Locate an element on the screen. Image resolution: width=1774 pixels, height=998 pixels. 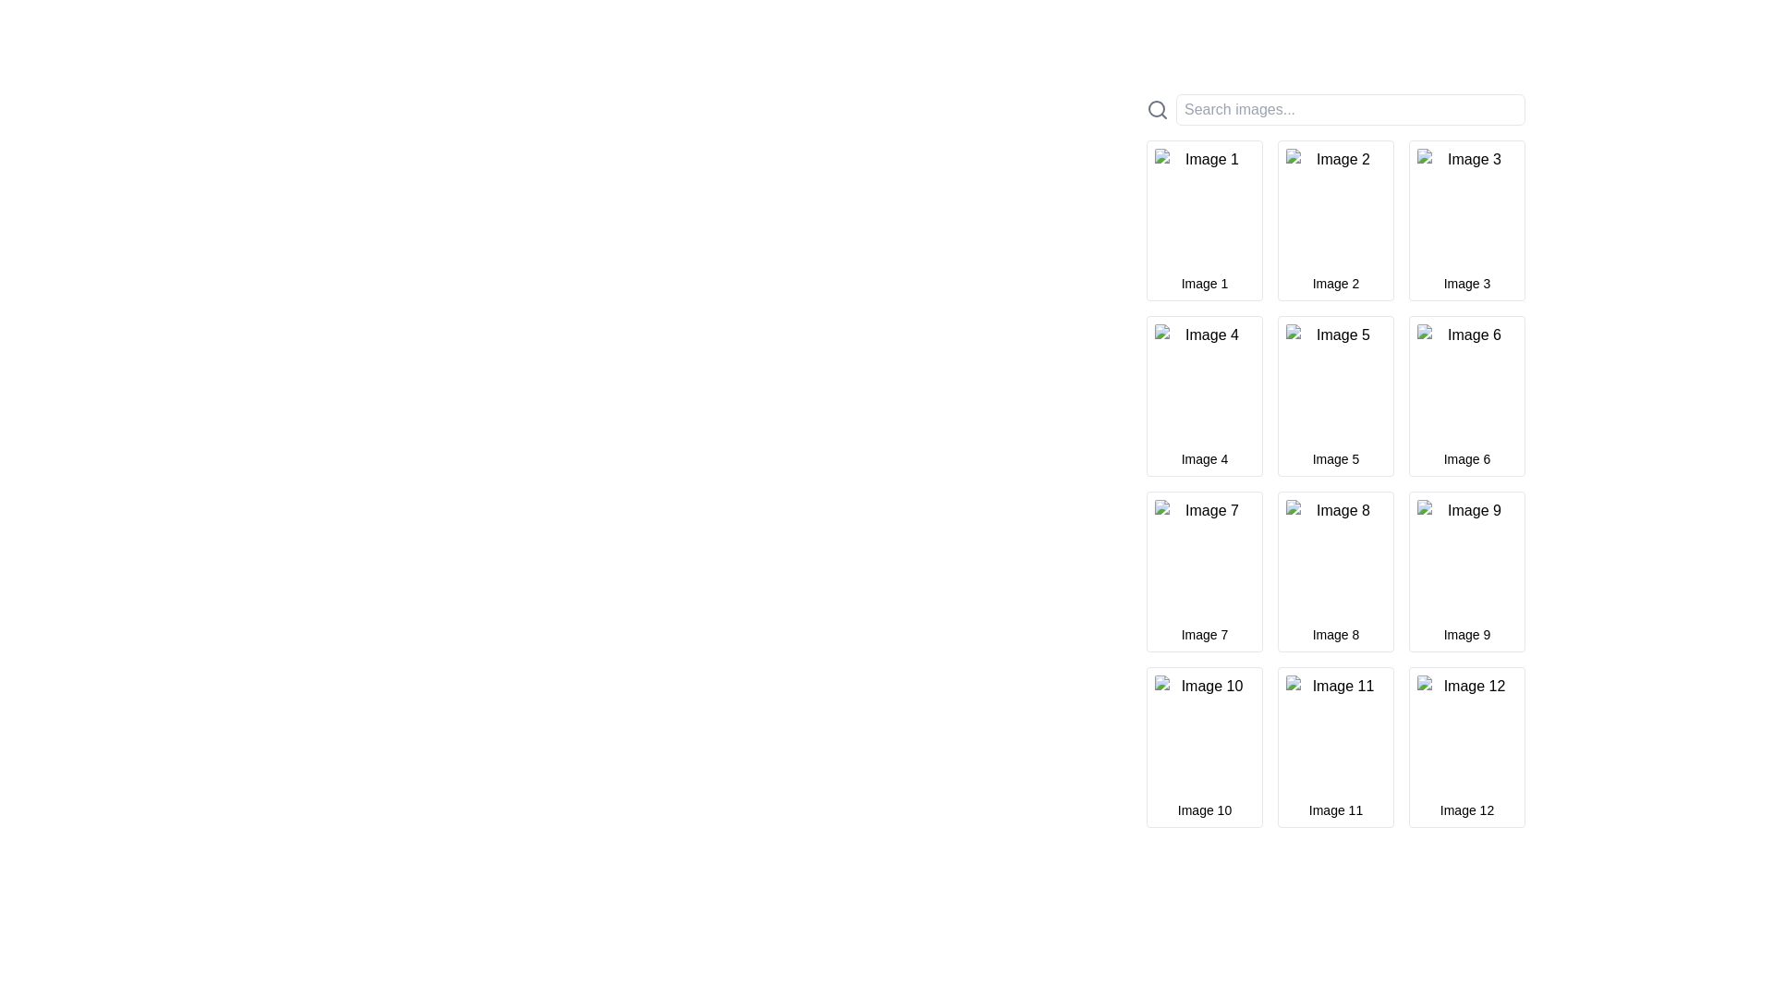
the second grid item displaying 'Image 2' with a preview image and caption is located at coordinates (1335, 220).